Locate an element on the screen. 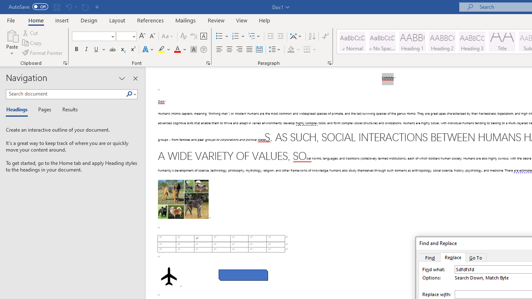 The height and width of the screenshot is (299, 532). 'Headings' is located at coordinates (19, 110).